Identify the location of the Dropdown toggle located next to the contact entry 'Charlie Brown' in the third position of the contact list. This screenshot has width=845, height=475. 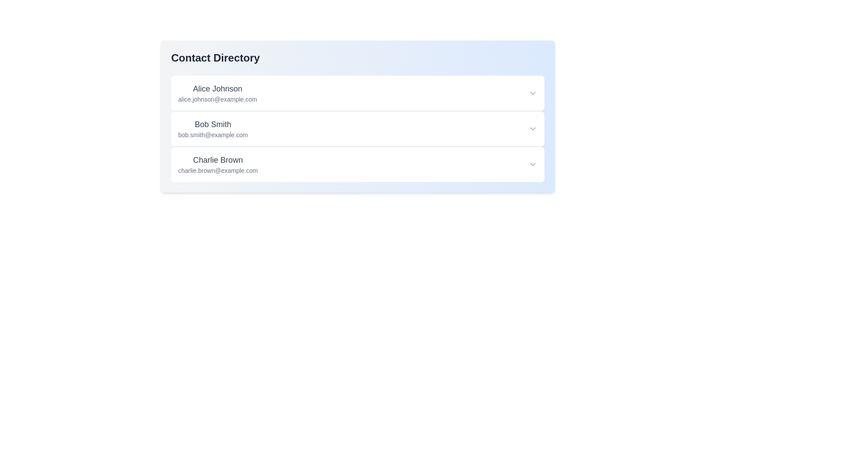
(532, 164).